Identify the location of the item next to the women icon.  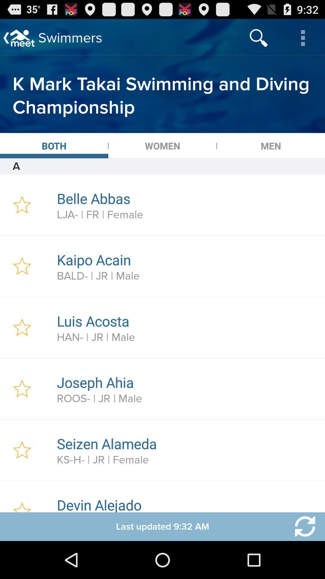
(270, 146).